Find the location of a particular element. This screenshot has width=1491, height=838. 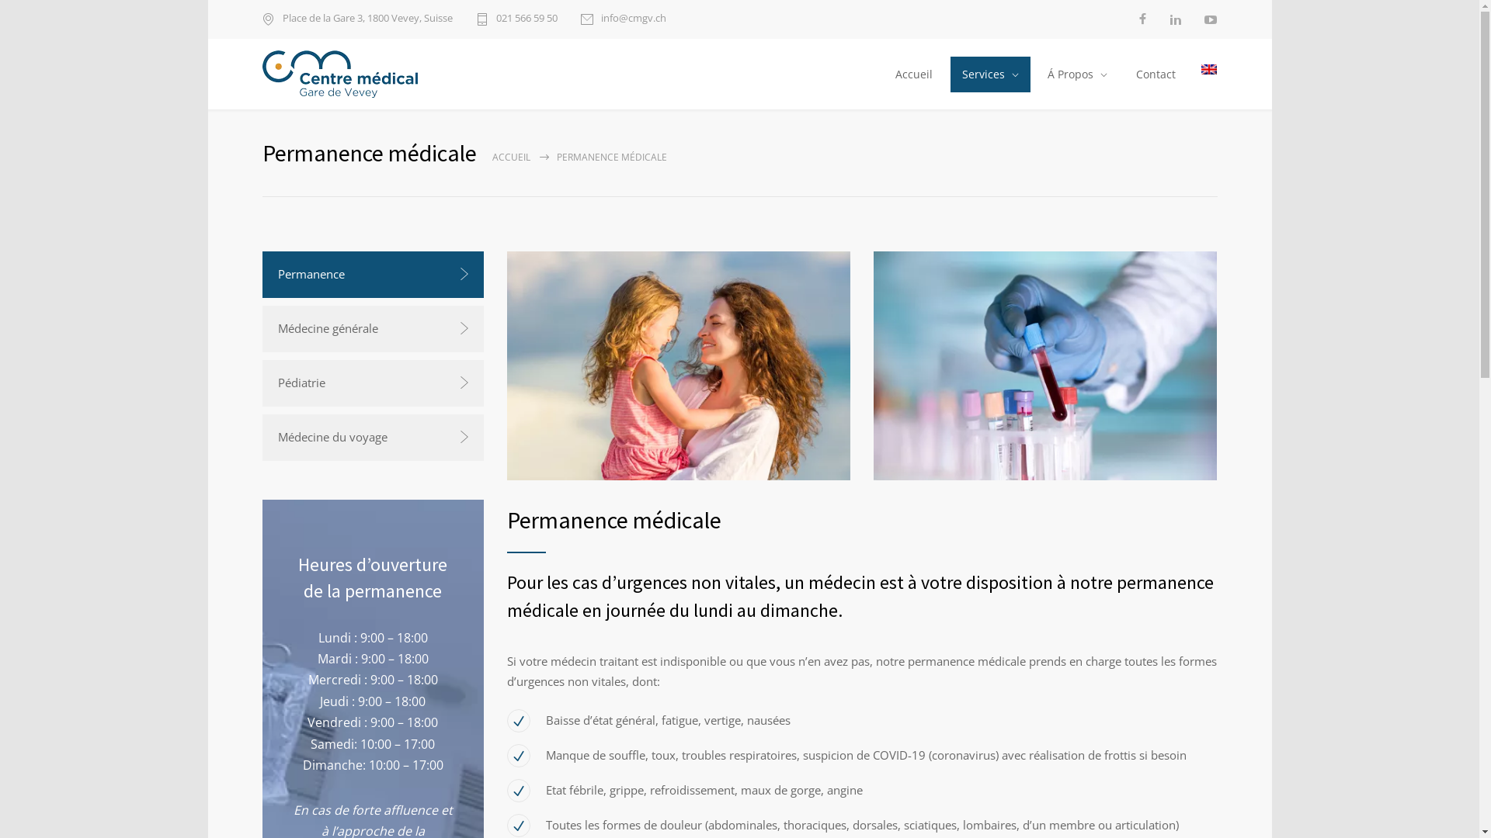

'Services' is located at coordinates (989, 74).